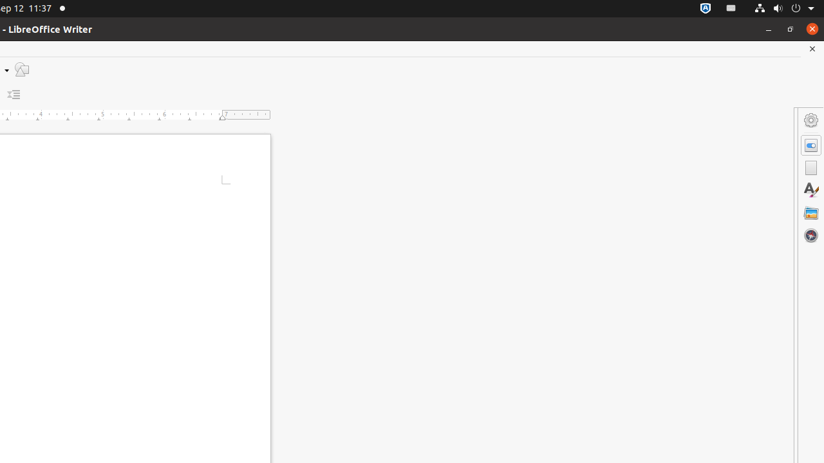 This screenshot has width=824, height=463. Describe the element at coordinates (810, 145) in the screenshot. I see `'Properties'` at that location.